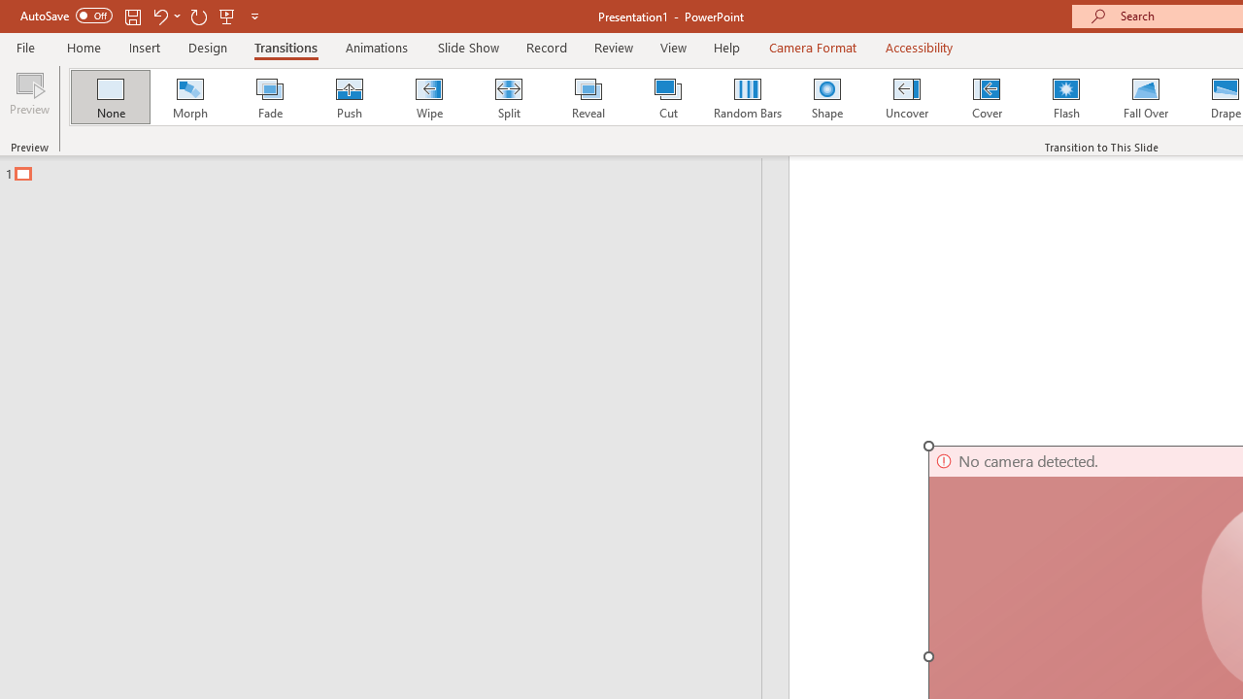 The image size is (1243, 699). What do you see at coordinates (140, 16) in the screenshot?
I see `'Quick Access Toolbar'` at bounding box center [140, 16].